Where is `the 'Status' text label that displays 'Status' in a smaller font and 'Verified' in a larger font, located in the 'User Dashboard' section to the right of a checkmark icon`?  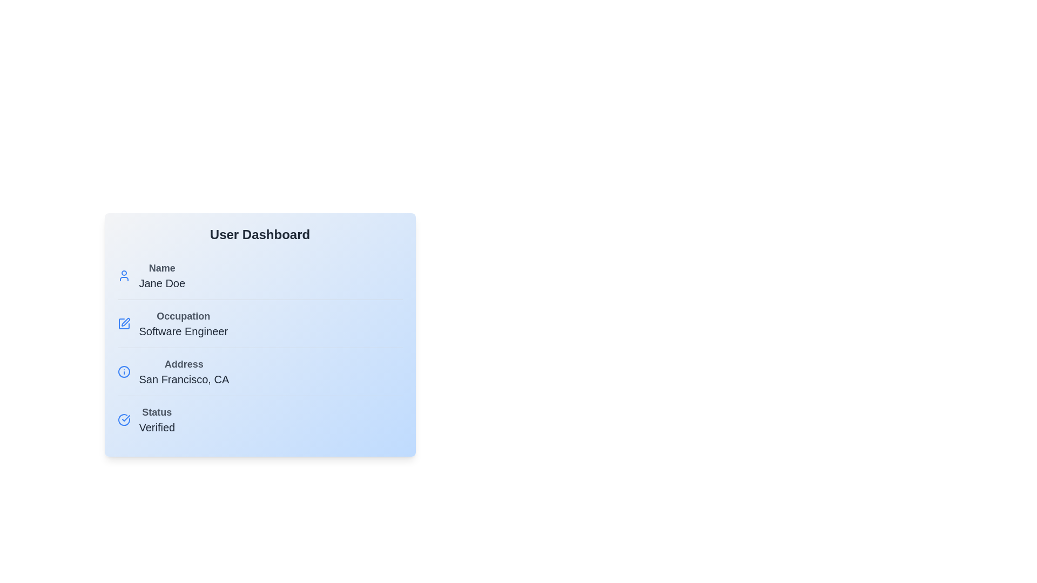 the 'Status' text label that displays 'Status' in a smaller font and 'Verified' in a larger font, located in the 'User Dashboard' section to the right of a checkmark icon is located at coordinates (156, 419).